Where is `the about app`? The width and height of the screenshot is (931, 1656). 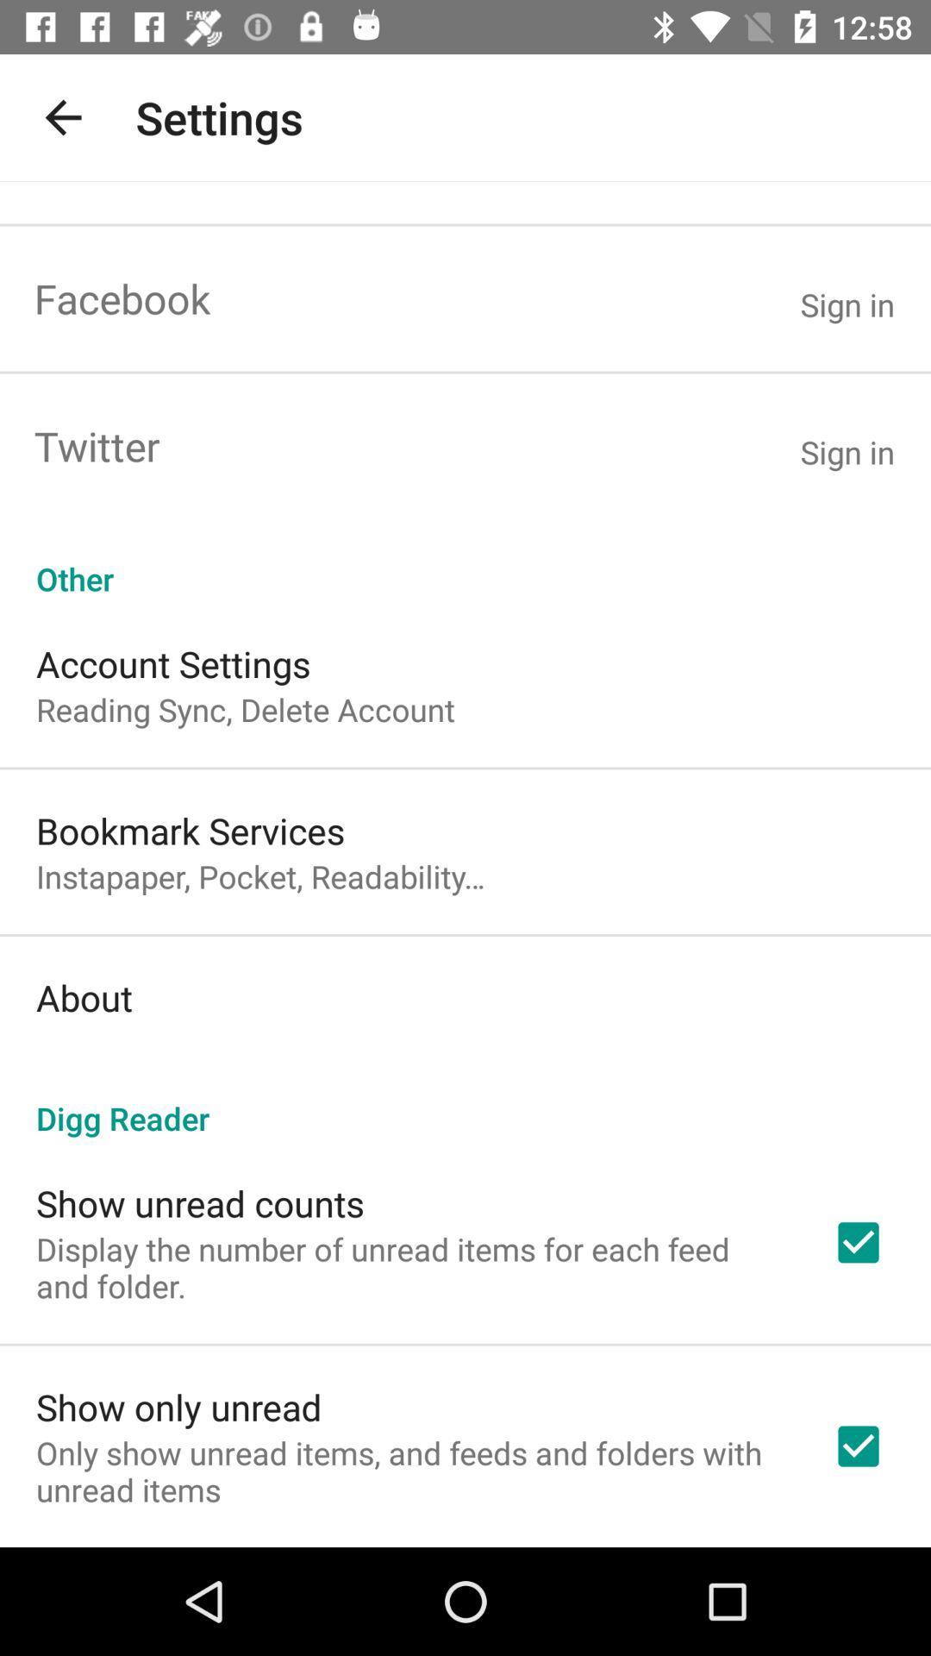
the about app is located at coordinates (84, 997).